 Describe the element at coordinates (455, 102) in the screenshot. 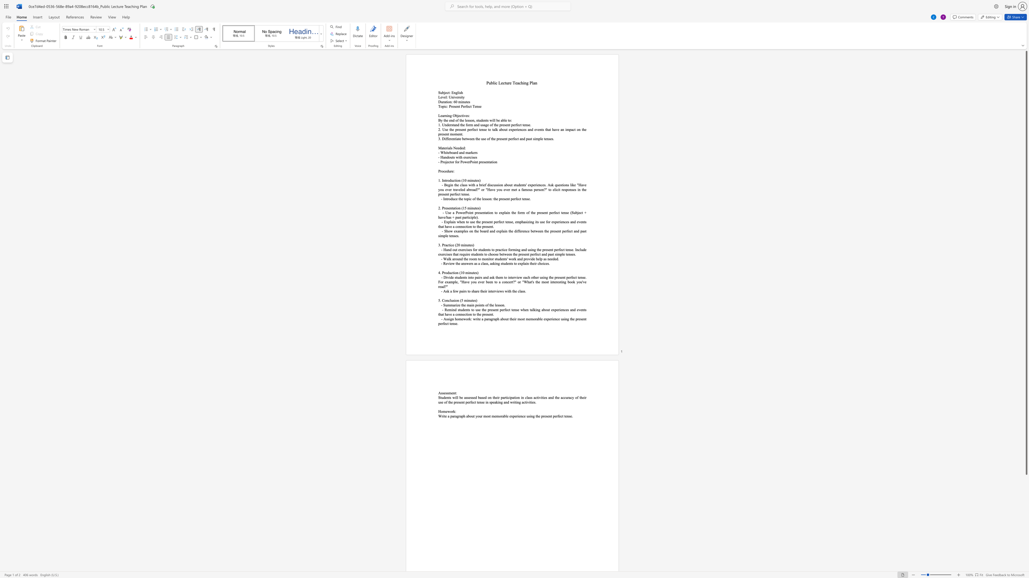

I see `the space between the continuous character "6" and "0" in the text` at that location.